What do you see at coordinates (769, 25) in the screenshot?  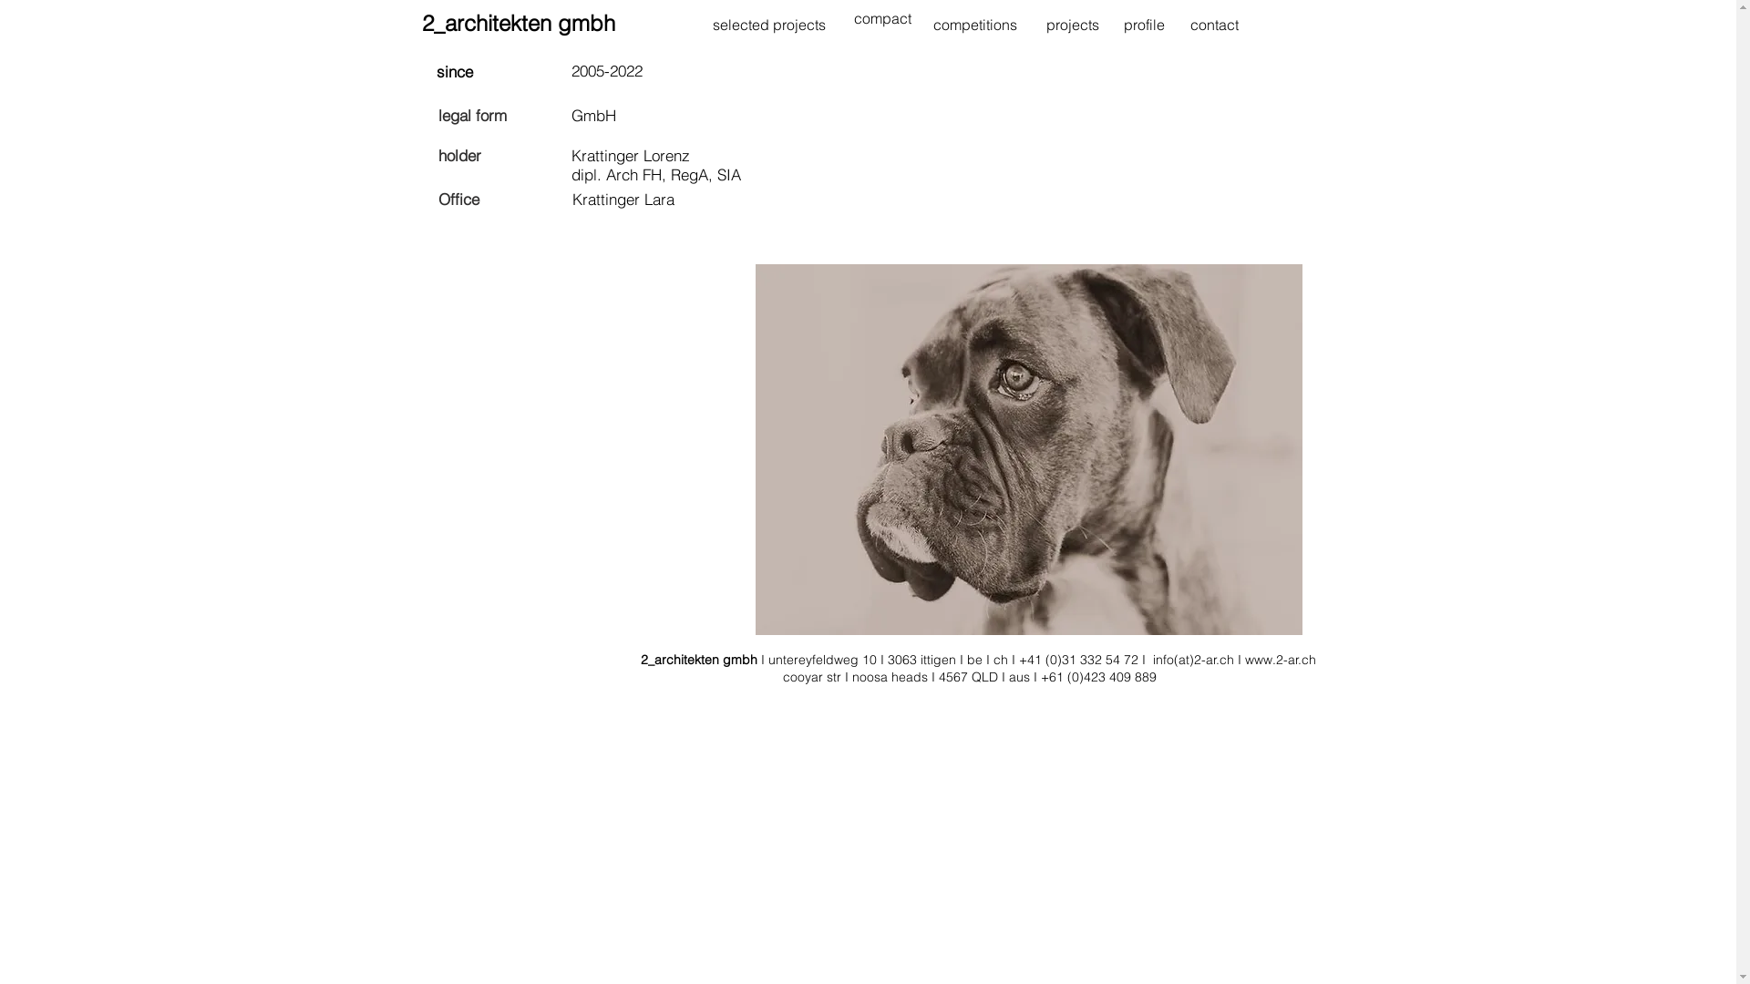 I see `'selected projects'` at bounding box center [769, 25].